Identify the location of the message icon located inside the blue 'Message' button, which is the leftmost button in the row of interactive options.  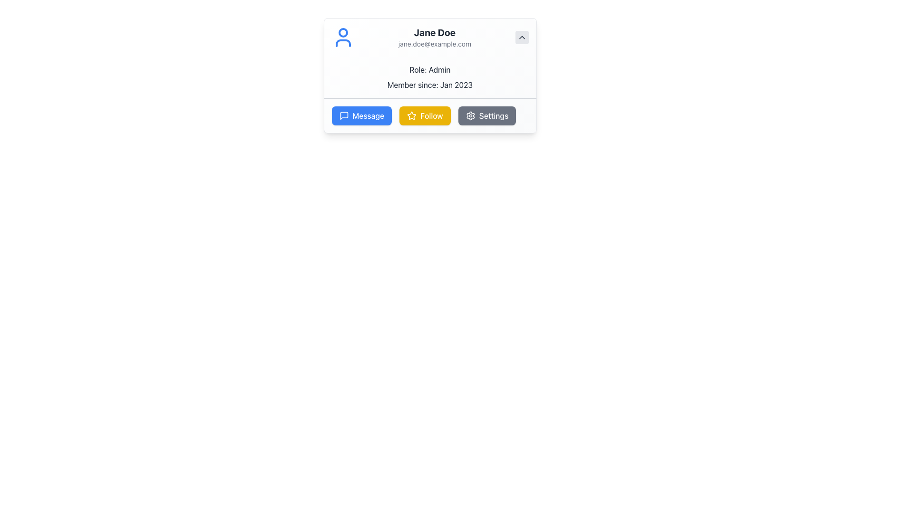
(343, 115).